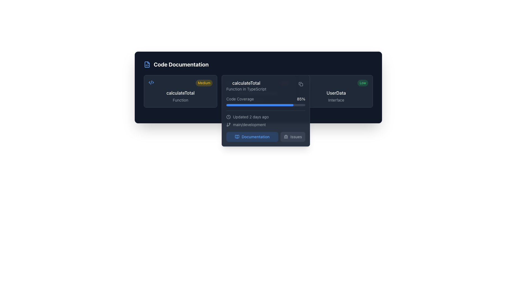  Describe the element at coordinates (266, 111) in the screenshot. I see `the 'Issues' button located on the Information panel, which displays details about the TypeScript function 'calculateTotal'` at that location.